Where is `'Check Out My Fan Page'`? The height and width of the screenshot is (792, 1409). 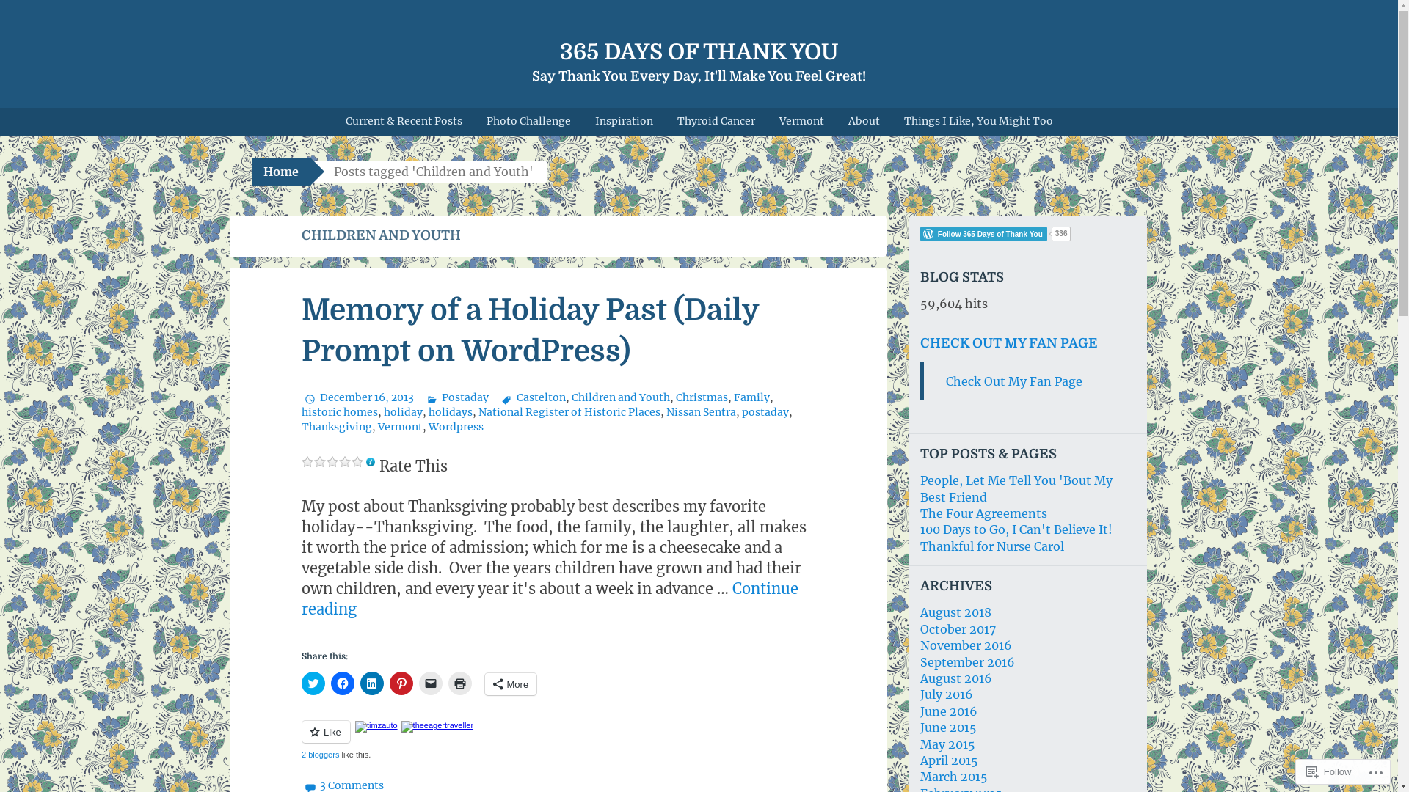
'Check Out My Fan Page' is located at coordinates (1013, 381).